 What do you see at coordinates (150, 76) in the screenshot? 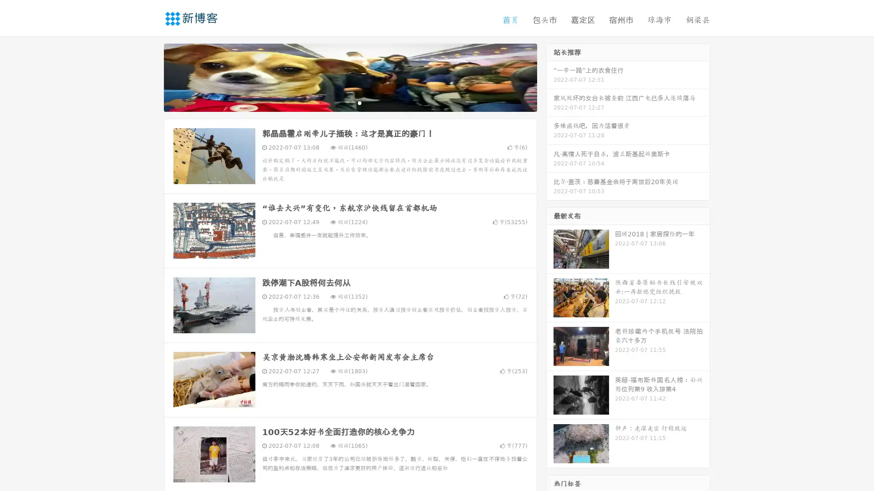
I see `Previous slide` at bounding box center [150, 76].